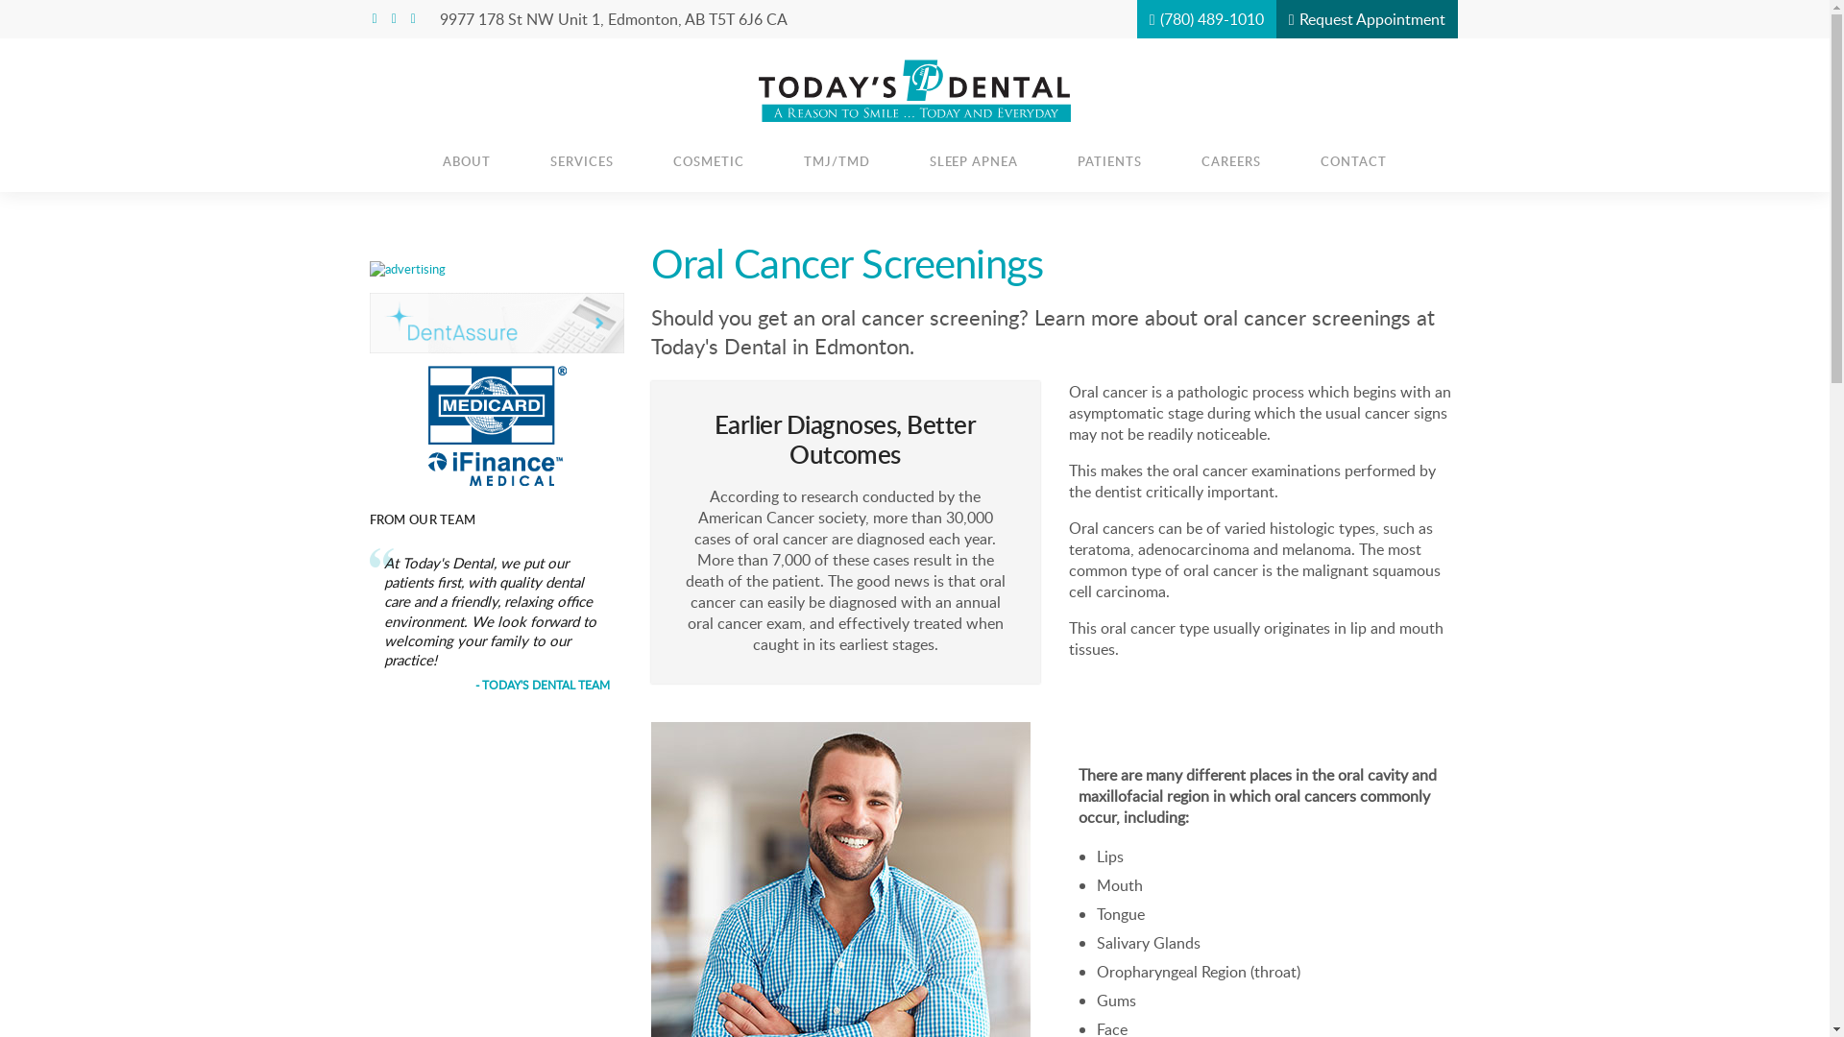  What do you see at coordinates (466, 160) in the screenshot?
I see `'ABOUT'` at bounding box center [466, 160].